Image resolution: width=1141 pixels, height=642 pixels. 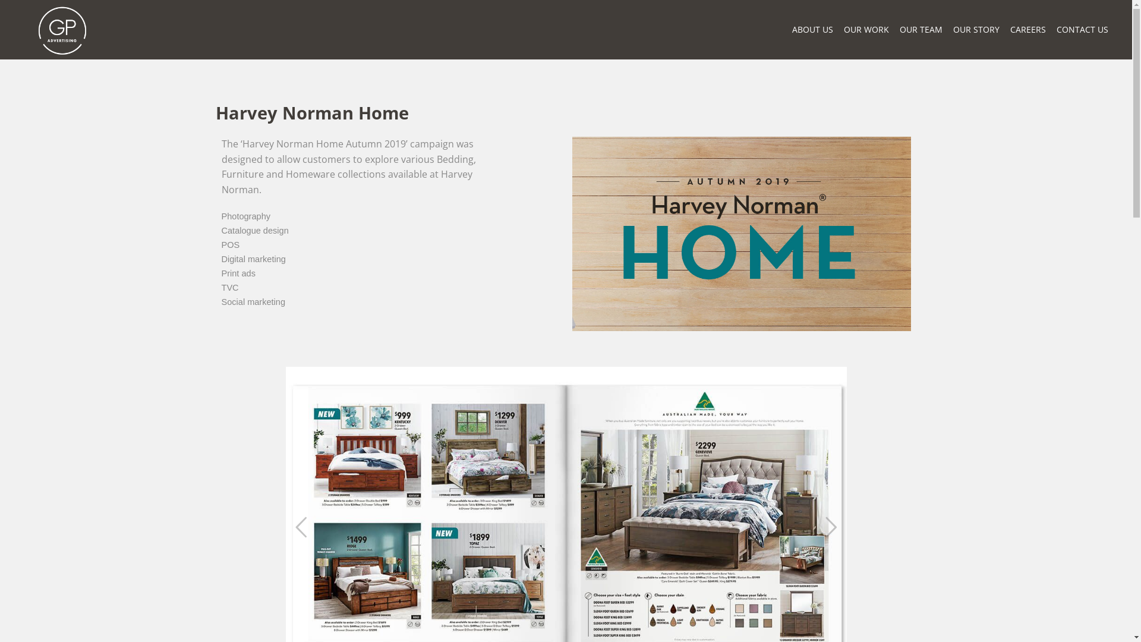 What do you see at coordinates (976, 29) in the screenshot?
I see `'OUR STORY'` at bounding box center [976, 29].